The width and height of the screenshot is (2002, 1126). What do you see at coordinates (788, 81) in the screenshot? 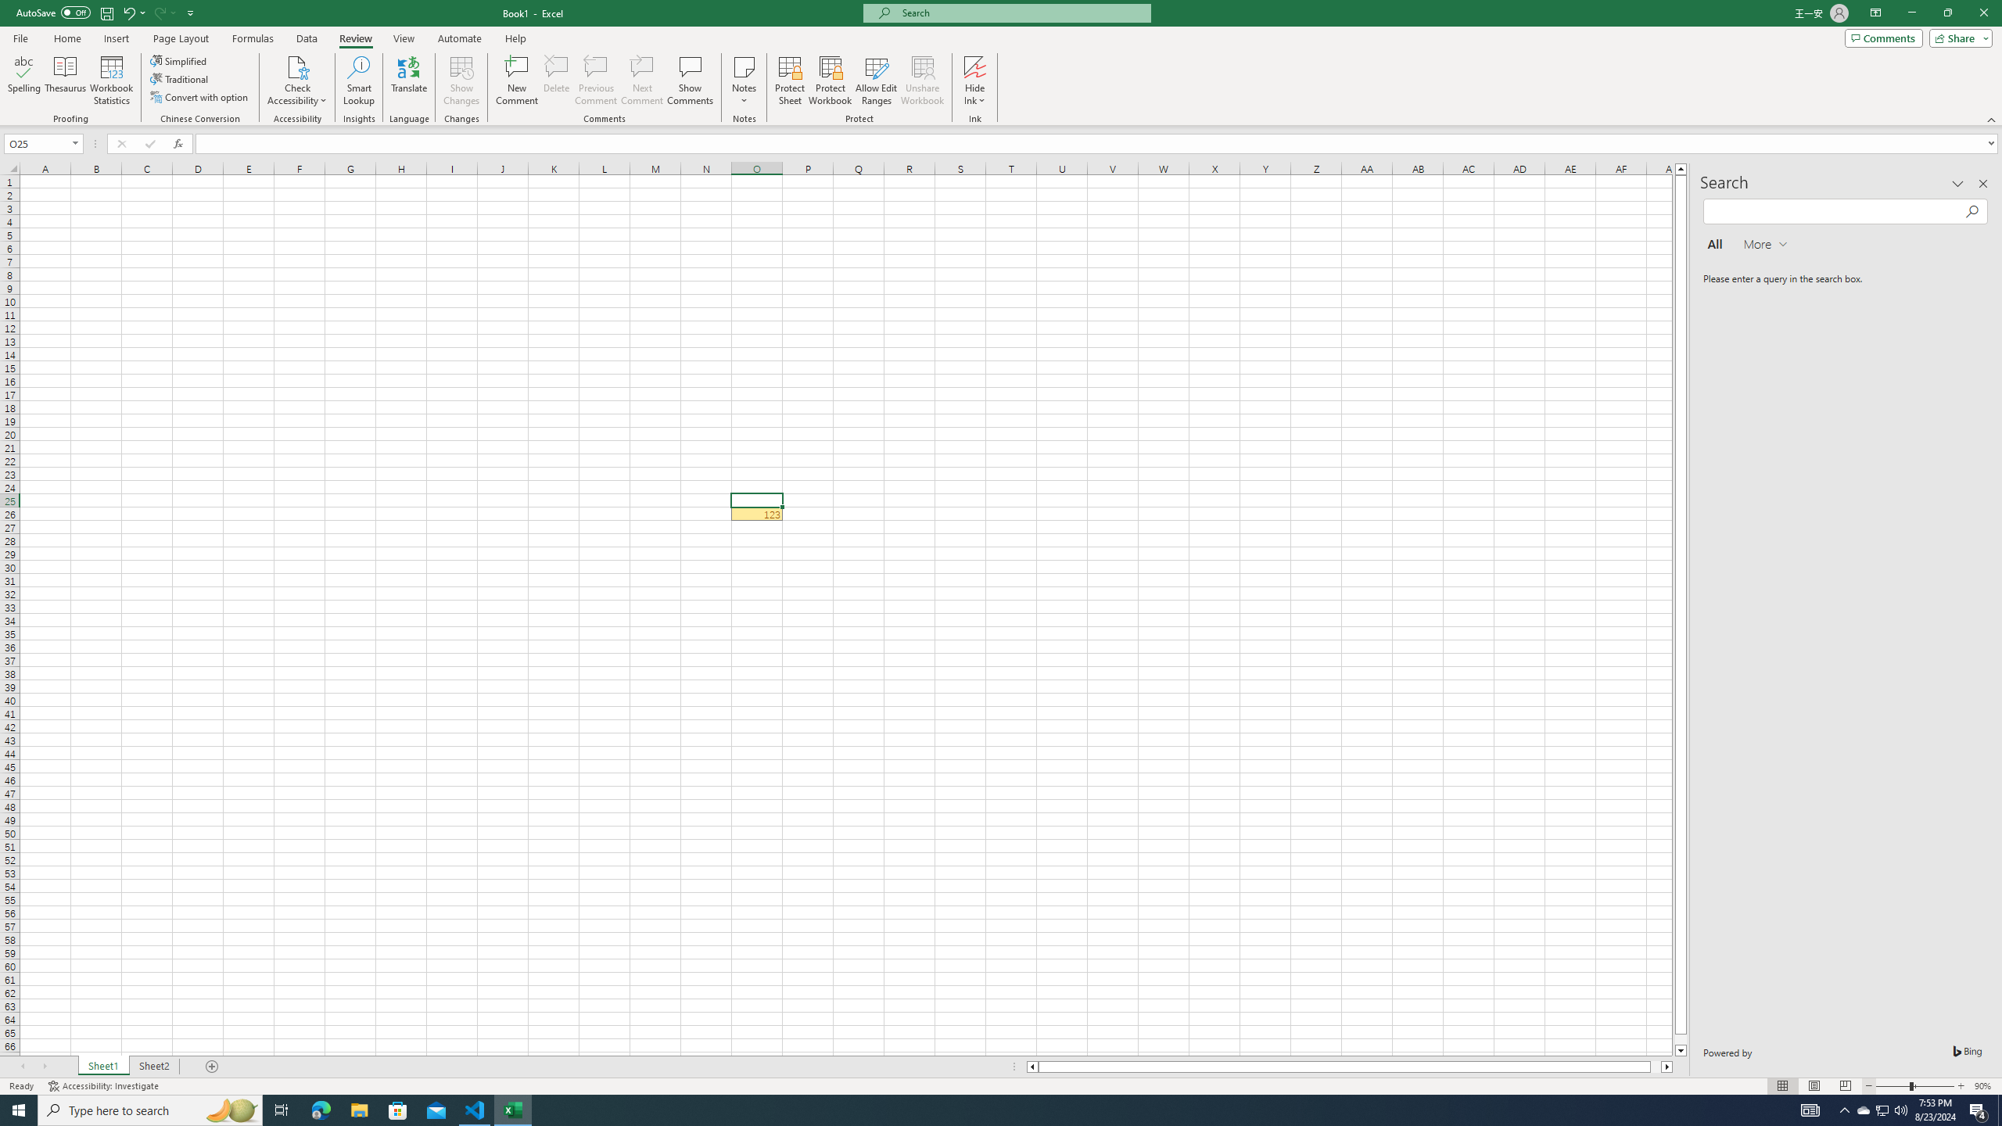
I see `'Protect Sheet...'` at bounding box center [788, 81].